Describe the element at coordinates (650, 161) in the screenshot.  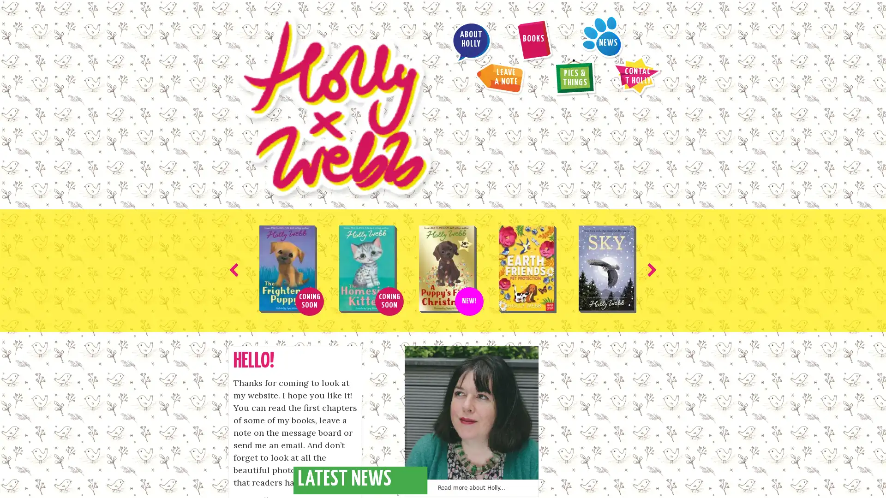
I see `Next` at that location.